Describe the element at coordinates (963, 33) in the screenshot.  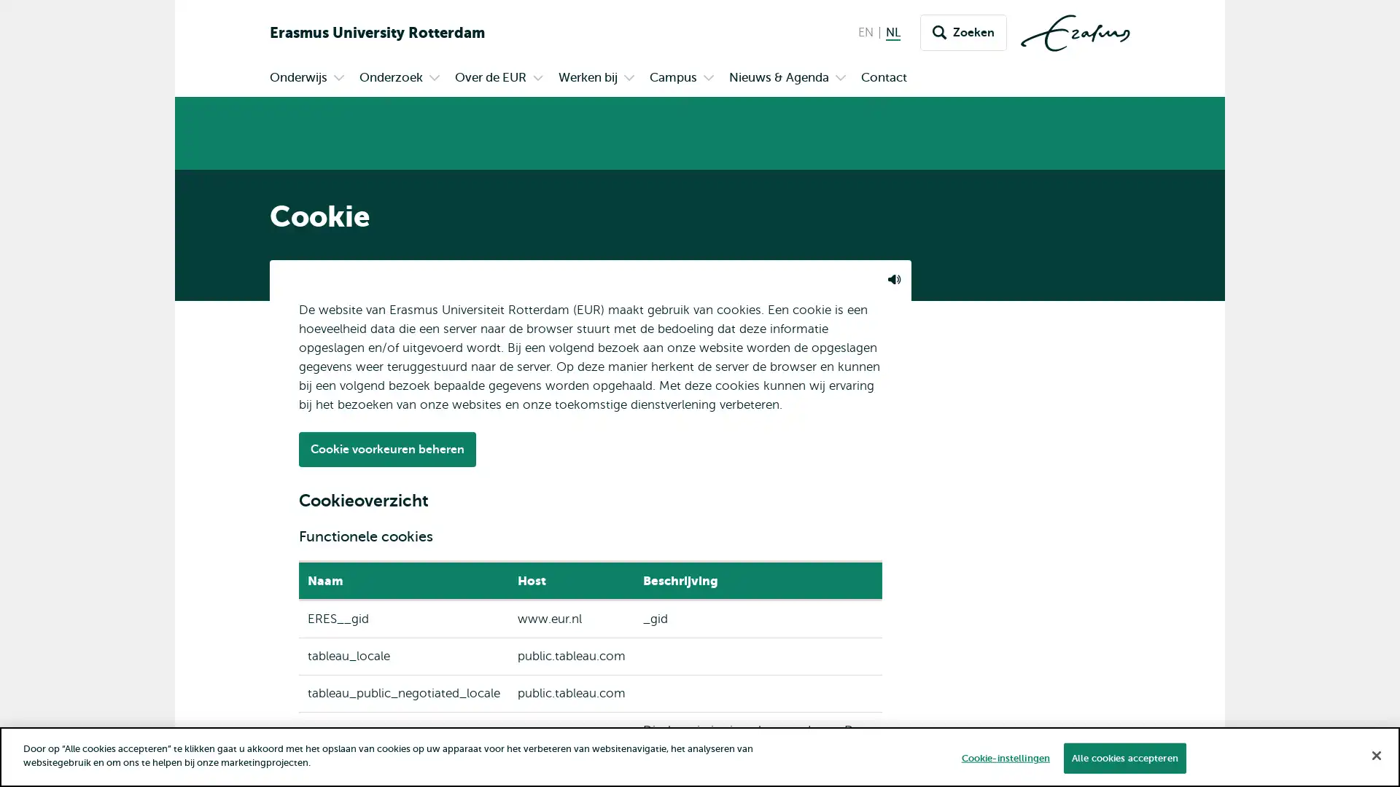
I see `Zoeken` at that location.